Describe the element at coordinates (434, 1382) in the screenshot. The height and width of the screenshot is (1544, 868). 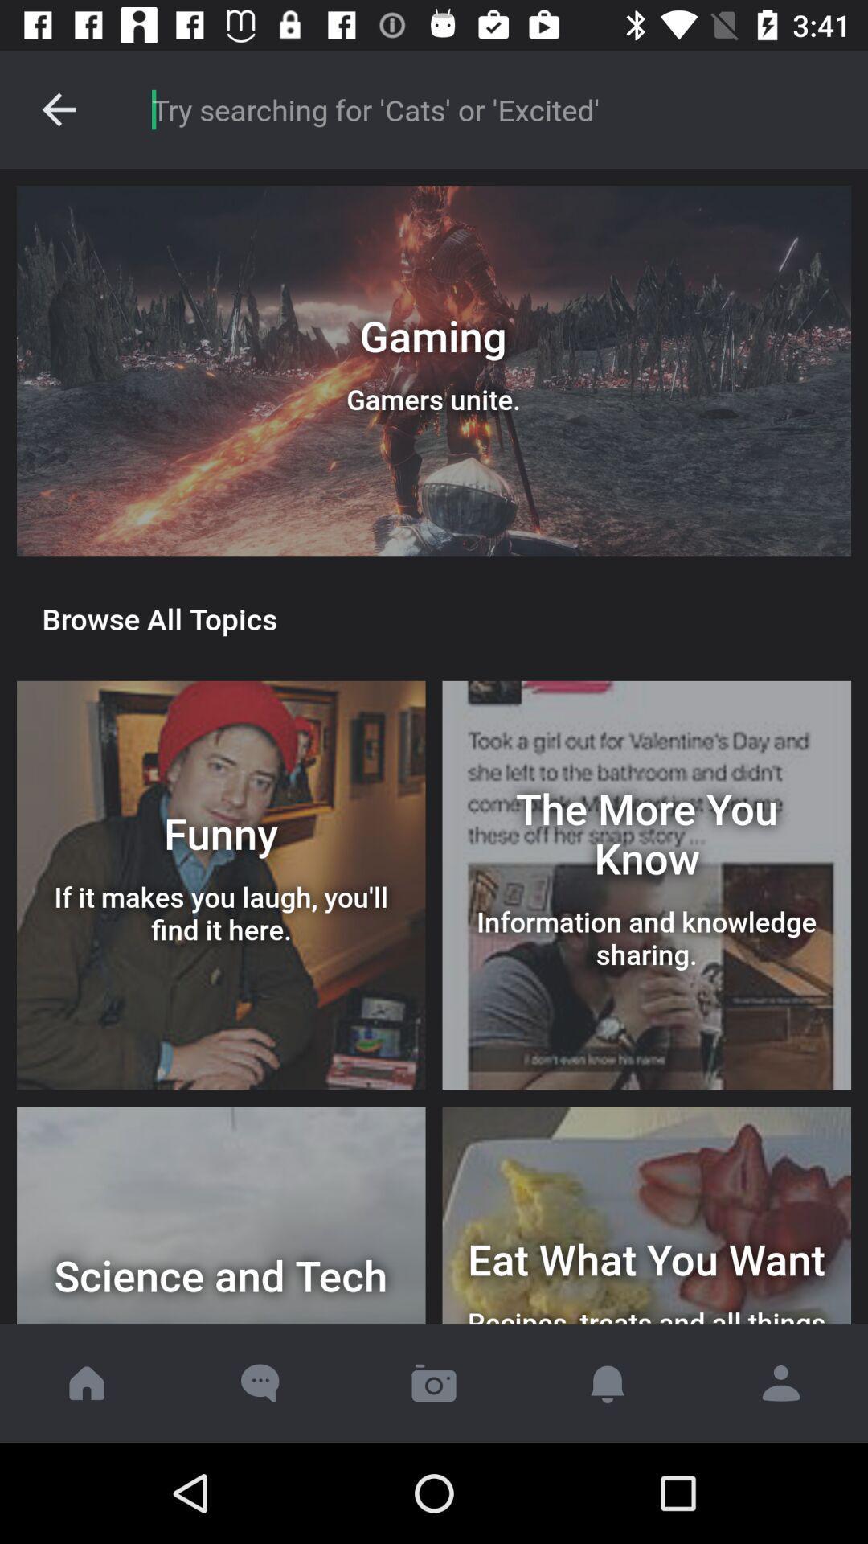
I see `open camera to take picture for upload` at that location.